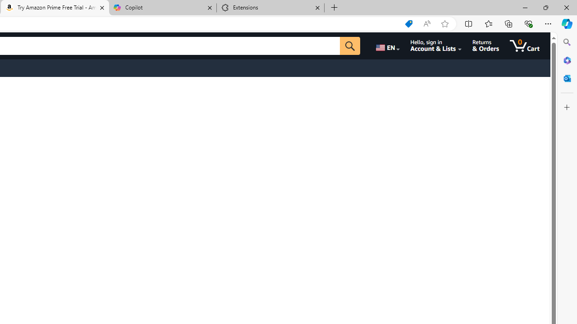 The height and width of the screenshot is (324, 577). What do you see at coordinates (387, 45) in the screenshot?
I see `'Choose a language for shopping.'` at bounding box center [387, 45].